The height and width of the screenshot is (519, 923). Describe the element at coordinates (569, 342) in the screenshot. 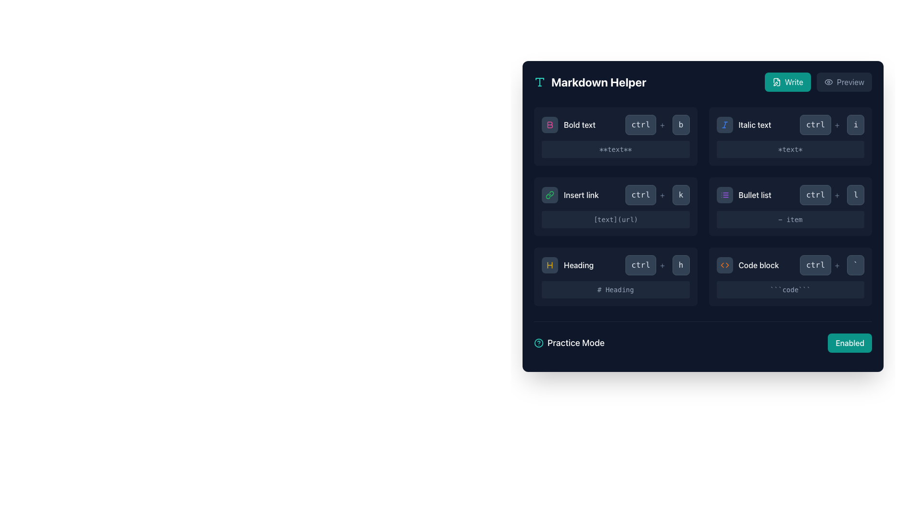

I see `the 'Practice Mode' label located` at that location.